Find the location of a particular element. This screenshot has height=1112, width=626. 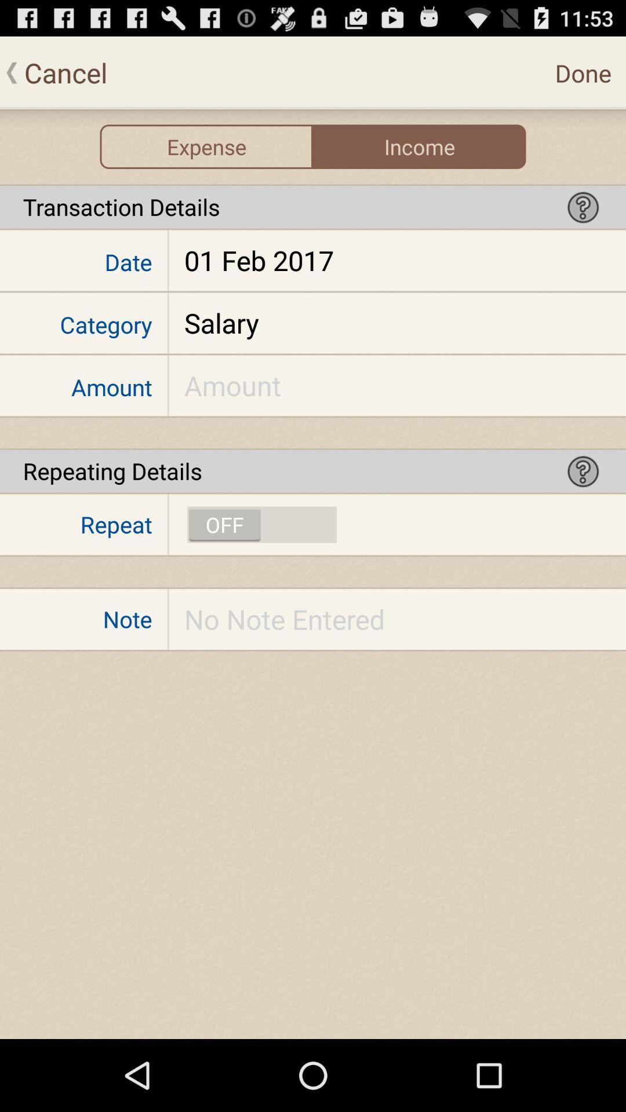

the help icon is located at coordinates (583, 221).